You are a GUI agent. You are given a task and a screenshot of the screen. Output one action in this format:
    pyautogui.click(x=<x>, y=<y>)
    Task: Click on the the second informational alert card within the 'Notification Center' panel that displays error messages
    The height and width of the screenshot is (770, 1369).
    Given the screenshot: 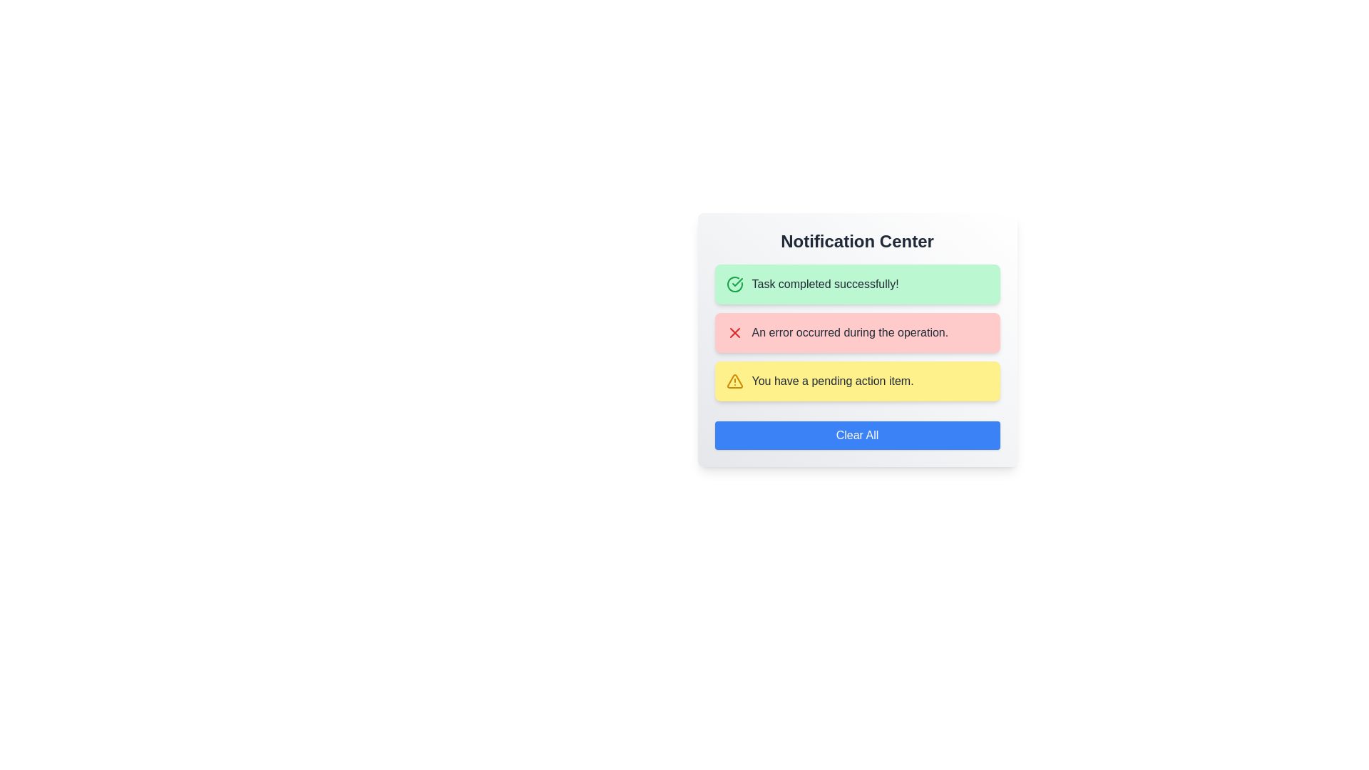 What is the action you would take?
    pyautogui.click(x=856, y=332)
    